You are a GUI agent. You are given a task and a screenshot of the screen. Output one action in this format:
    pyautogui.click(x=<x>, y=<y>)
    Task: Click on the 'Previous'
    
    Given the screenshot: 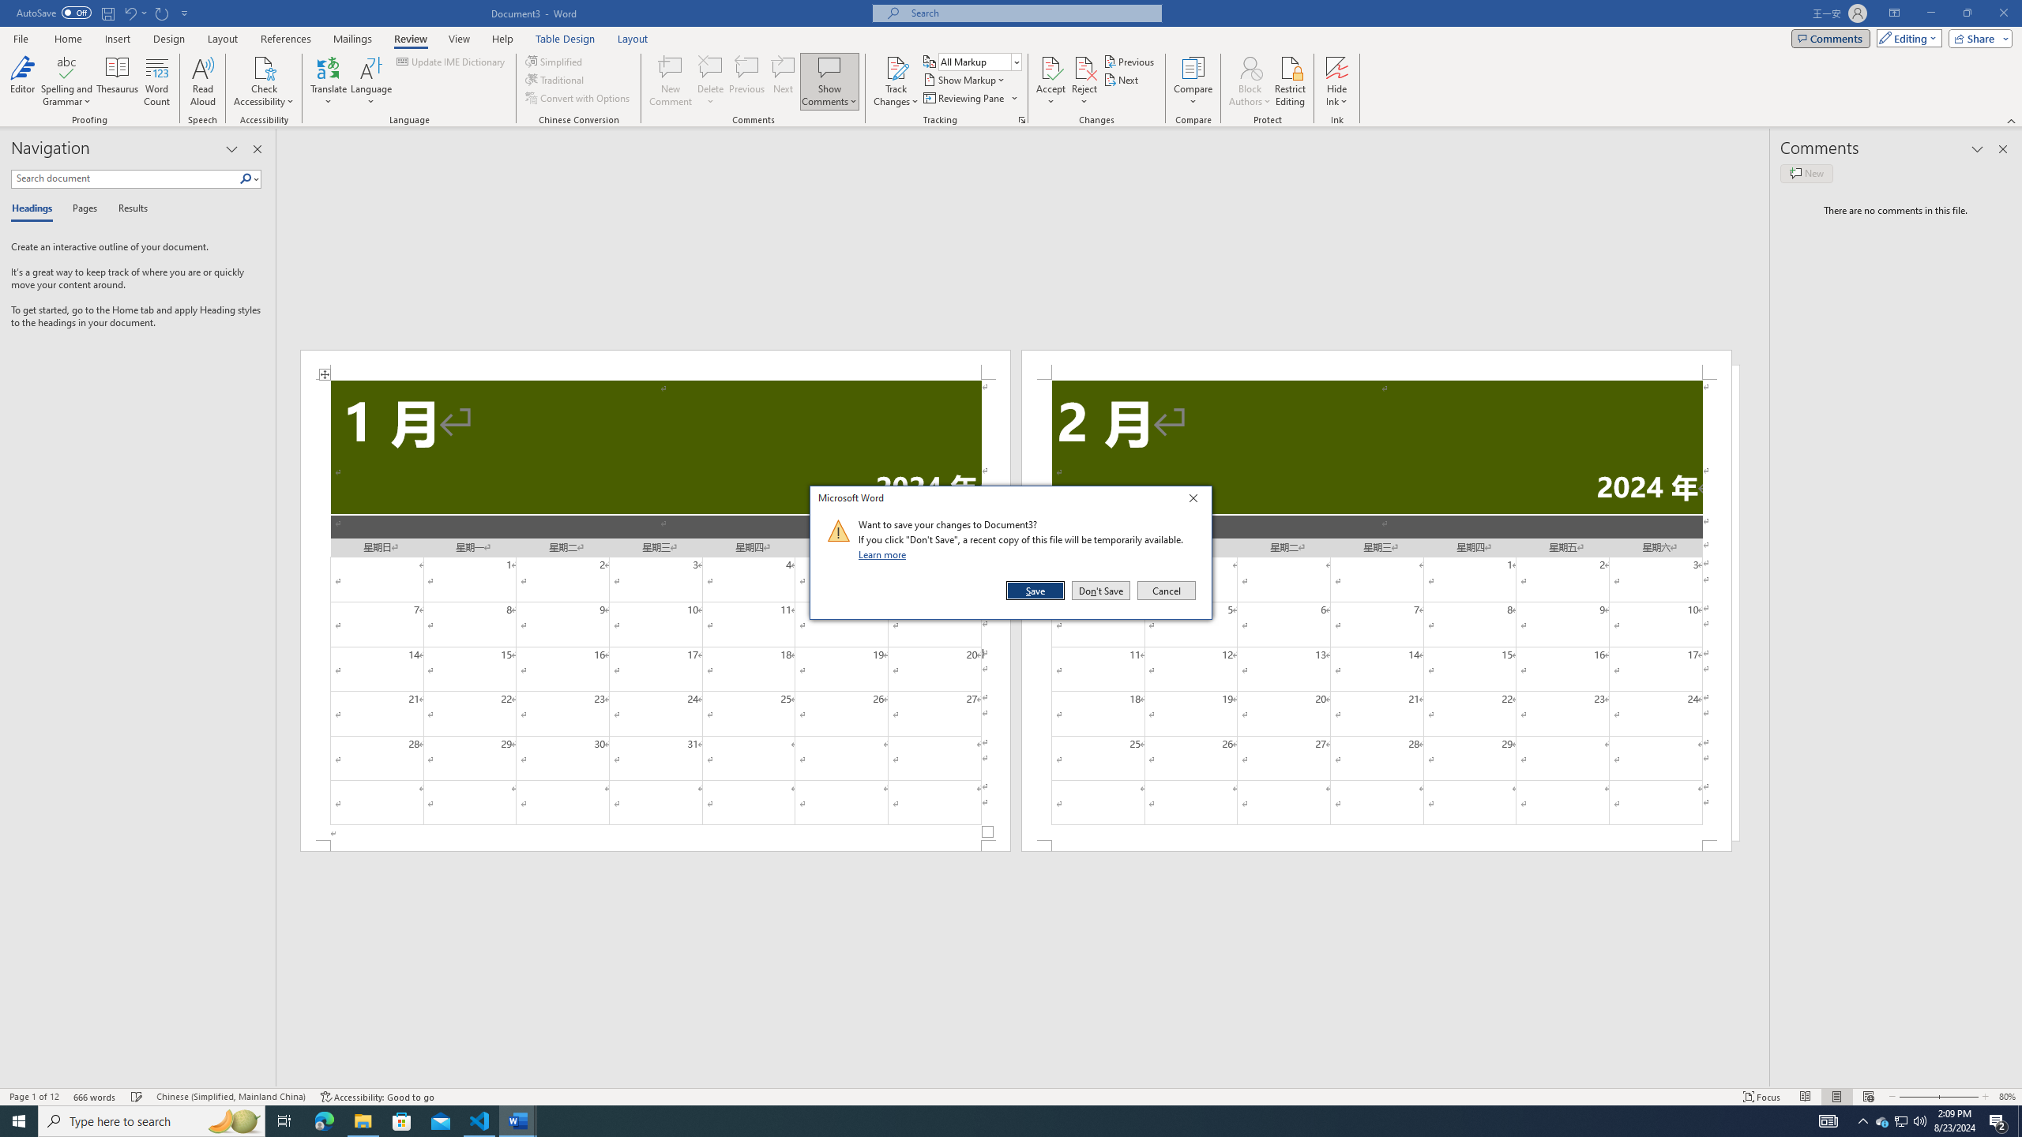 What is the action you would take?
    pyautogui.click(x=1129, y=61)
    